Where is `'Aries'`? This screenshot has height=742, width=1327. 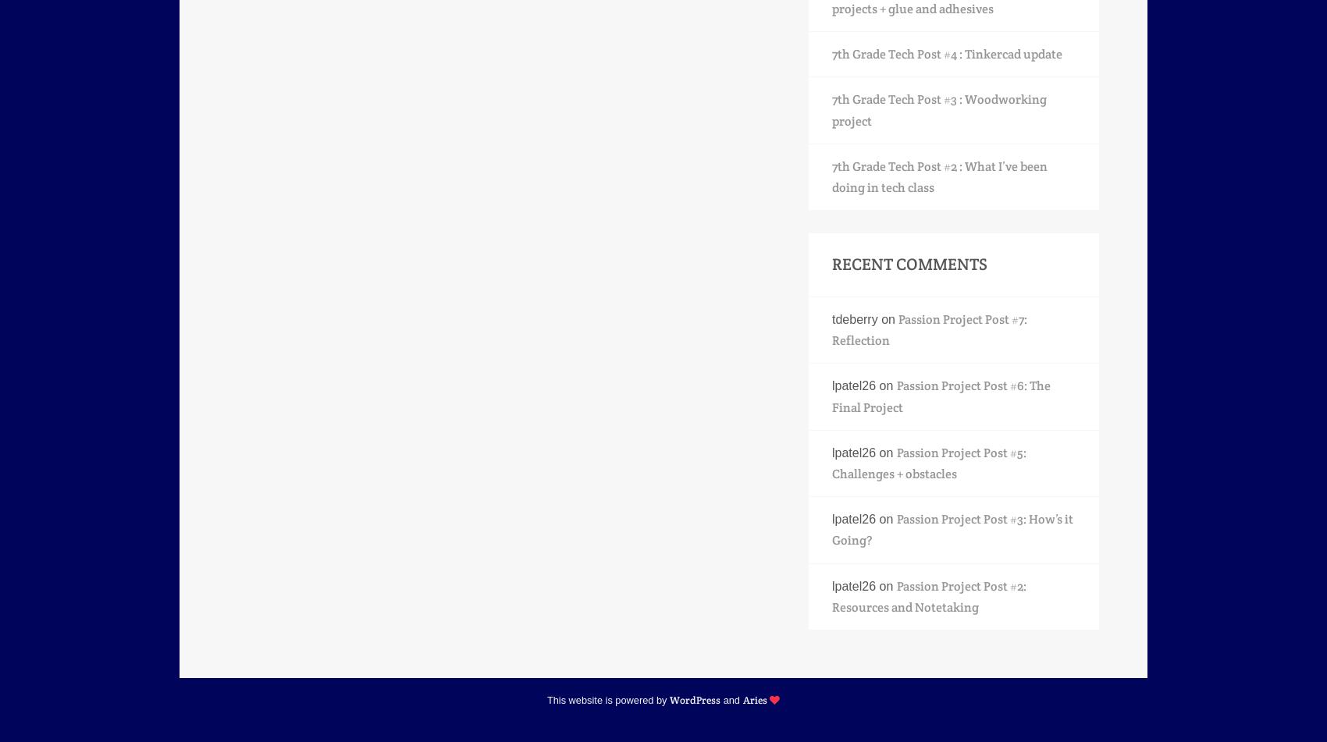 'Aries' is located at coordinates (753, 698).